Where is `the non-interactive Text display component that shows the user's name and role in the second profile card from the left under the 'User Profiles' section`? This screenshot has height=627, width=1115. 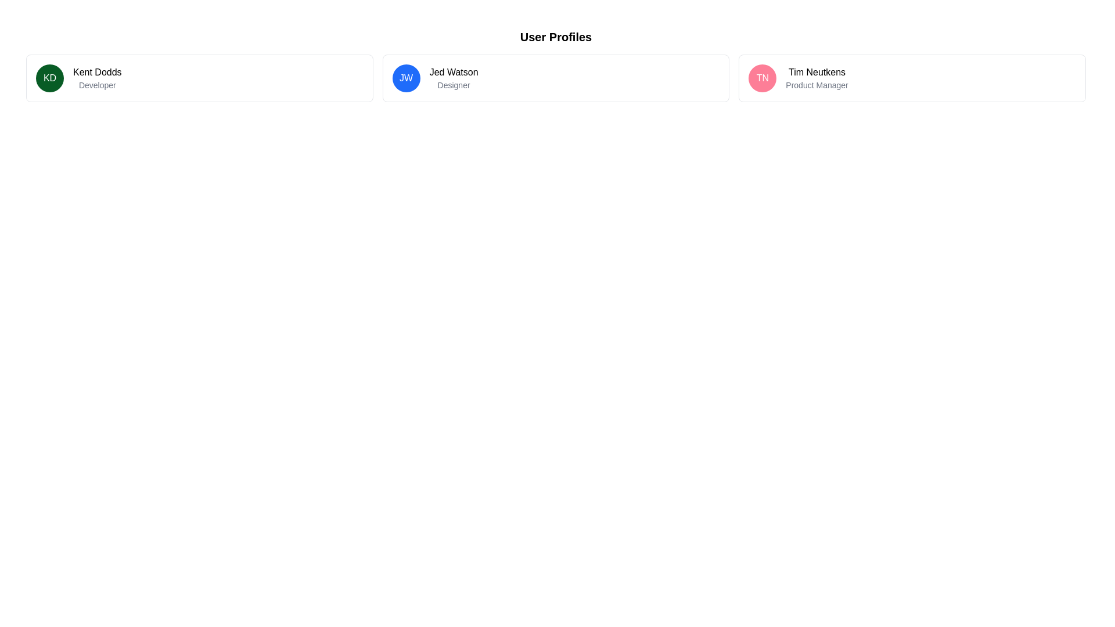
the non-interactive Text display component that shows the user's name and role in the second profile card from the left under the 'User Profiles' section is located at coordinates (453, 78).